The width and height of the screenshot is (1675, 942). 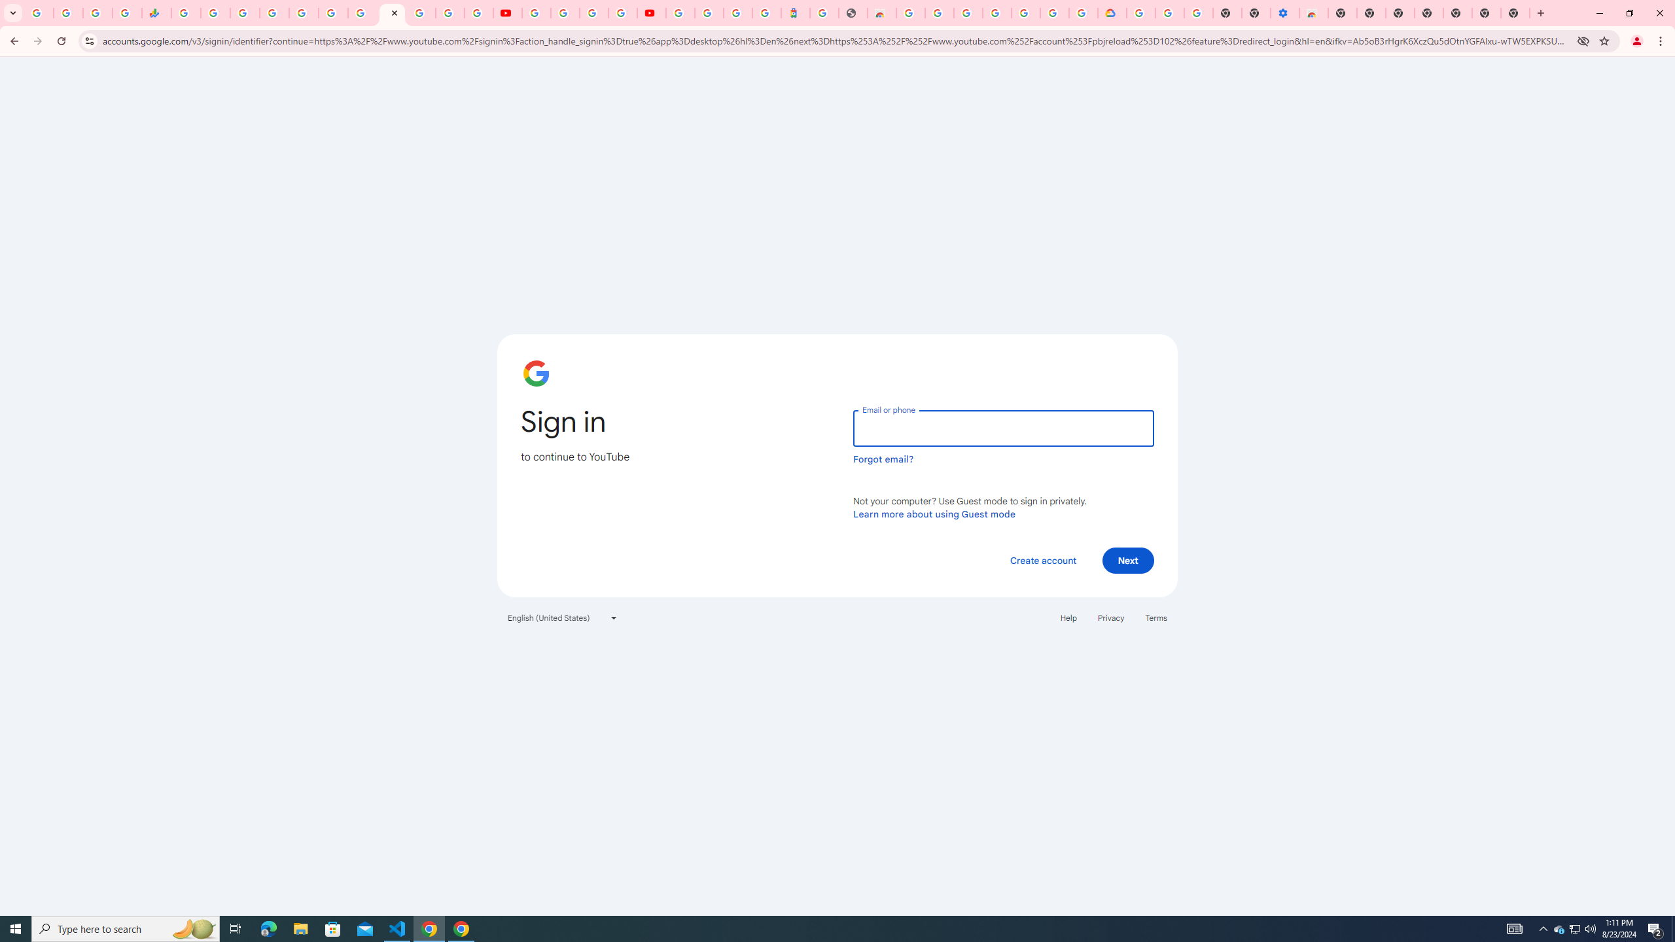 What do you see at coordinates (650, 12) in the screenshot?
I see `'Content Creator Programs & Opportunities - YouTube Creators'` at bounding box center [650, 12].